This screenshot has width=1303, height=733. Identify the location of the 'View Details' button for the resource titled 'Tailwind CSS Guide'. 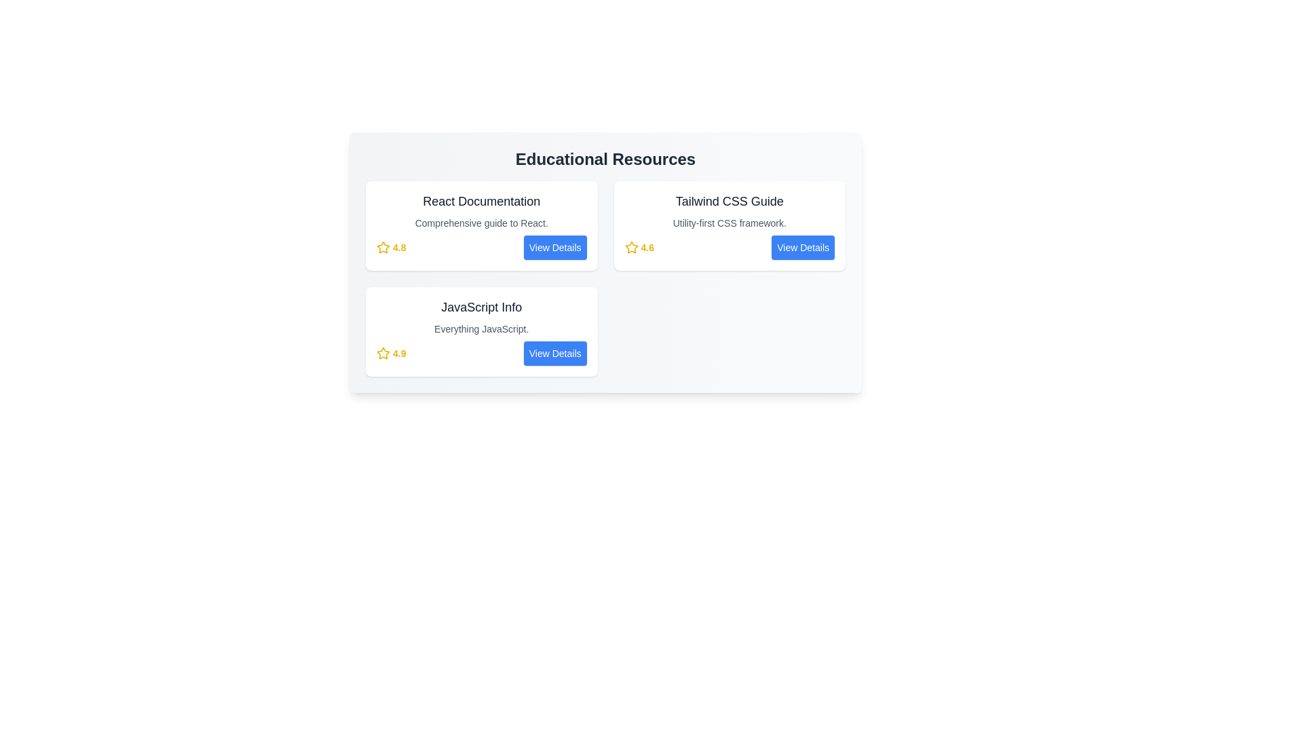
(804, 248).